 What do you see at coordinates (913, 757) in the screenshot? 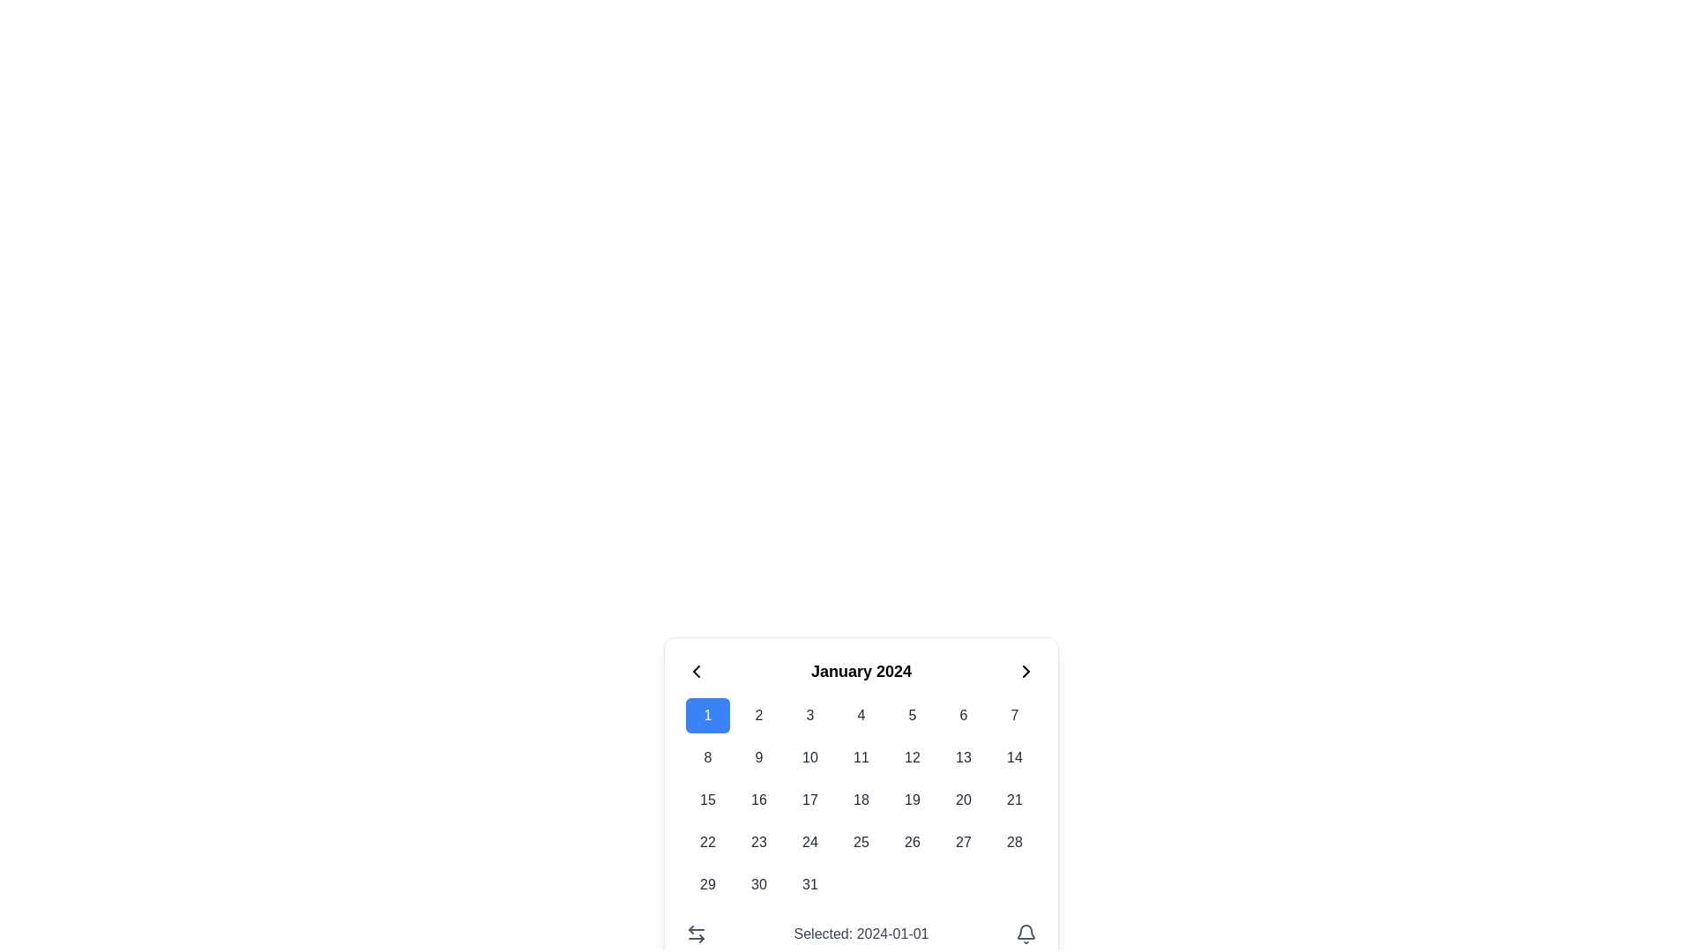
I see `the button representing the 12th day of the month in the calendar grid layout` at bounding box center [913, 757].